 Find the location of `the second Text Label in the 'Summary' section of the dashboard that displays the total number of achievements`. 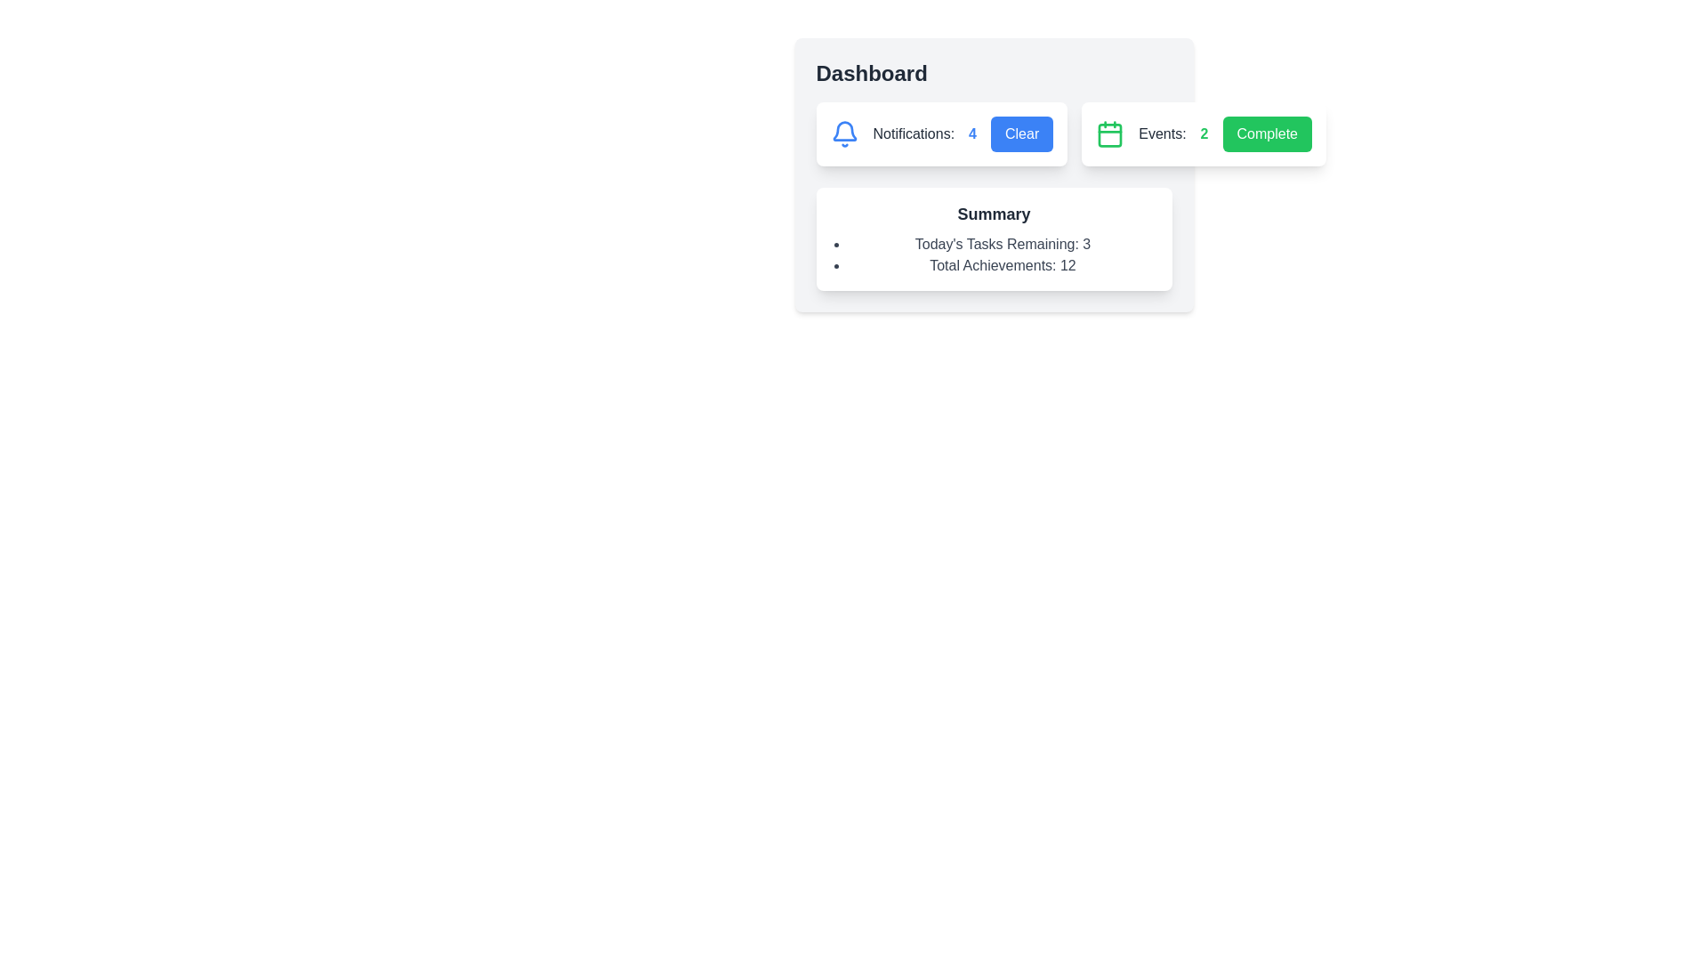

the second Text Label in the 'Summary' section of the dashboard that displays the total number of achievements is located at coordinates (1003, 266).